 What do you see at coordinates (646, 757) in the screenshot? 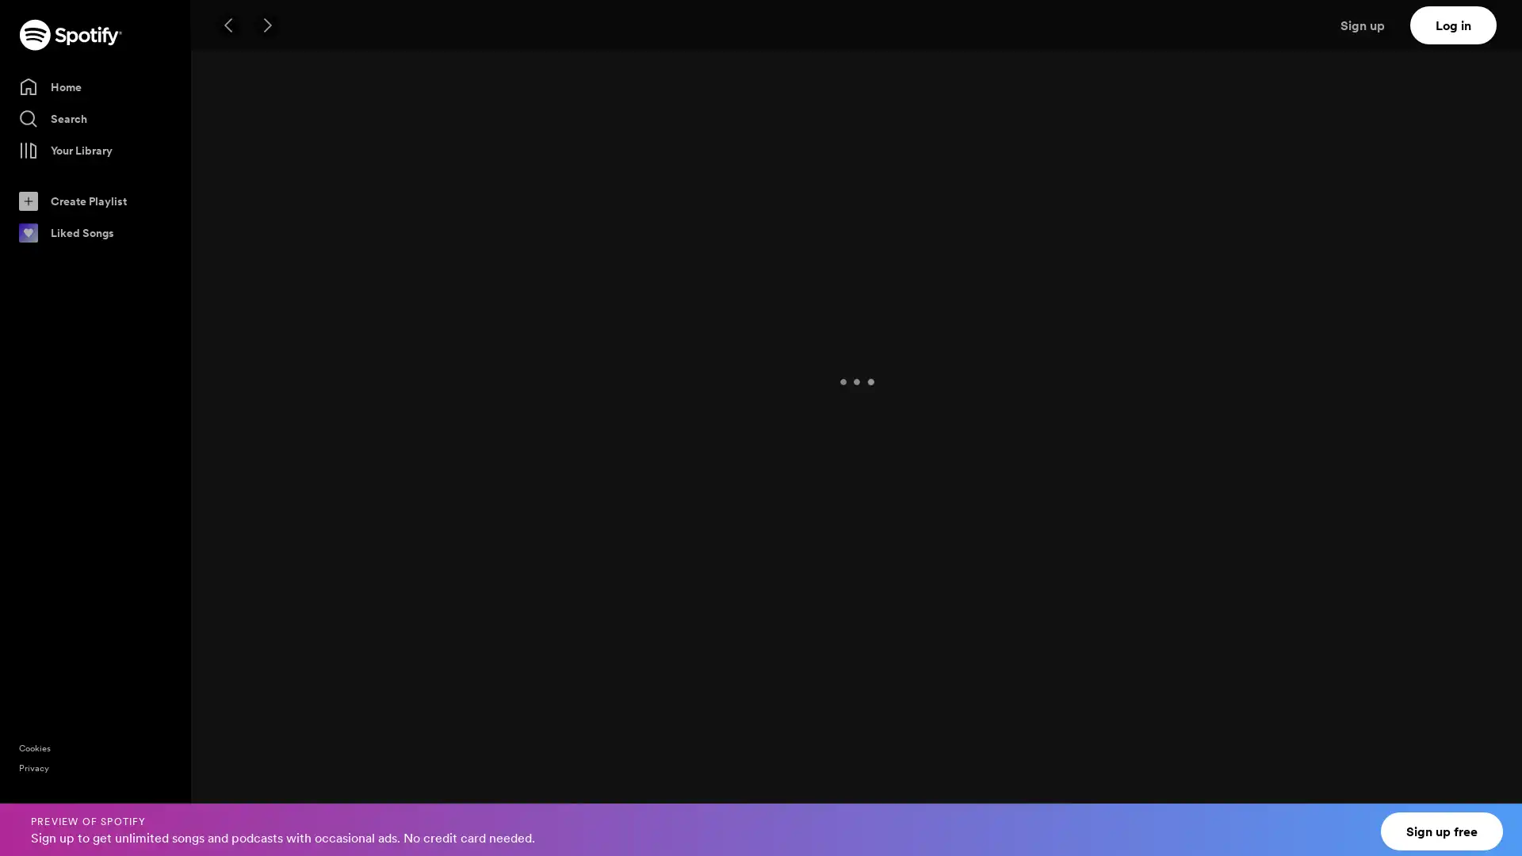
I see `Play ommood` at bounding box center [646, 757].